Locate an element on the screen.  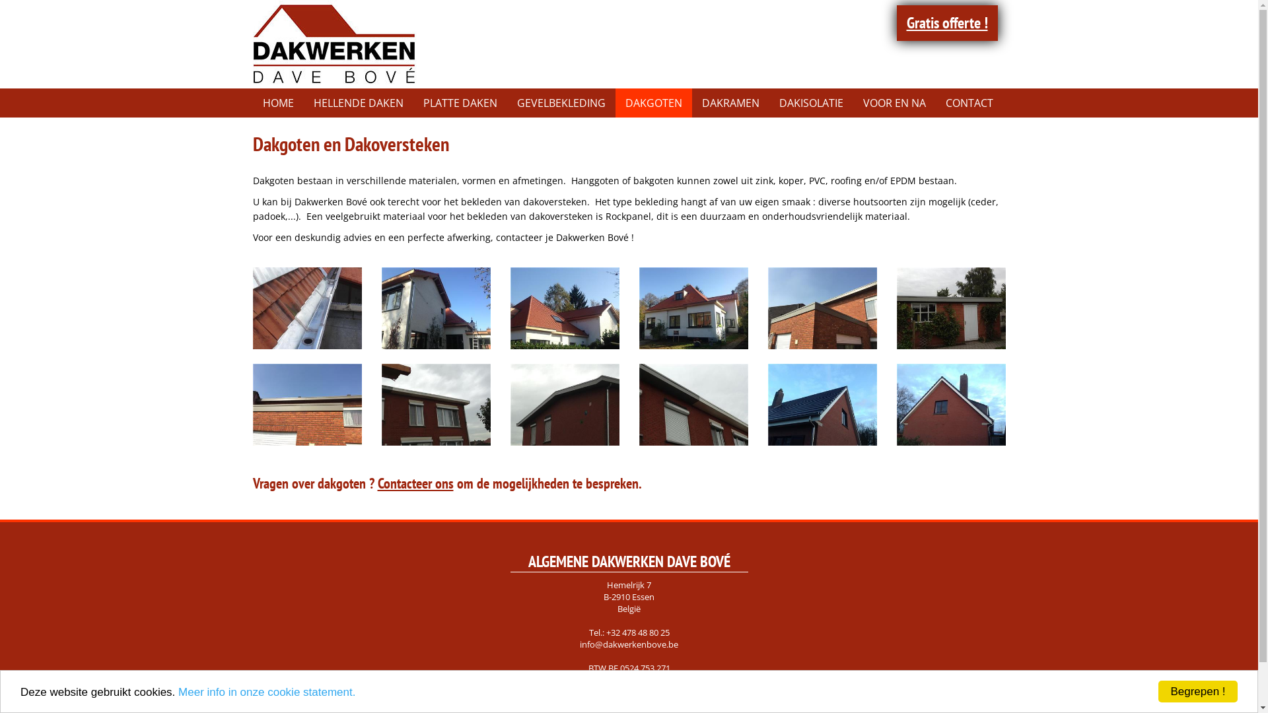
'Begrepen !' is located at coordinates (1198, 691).